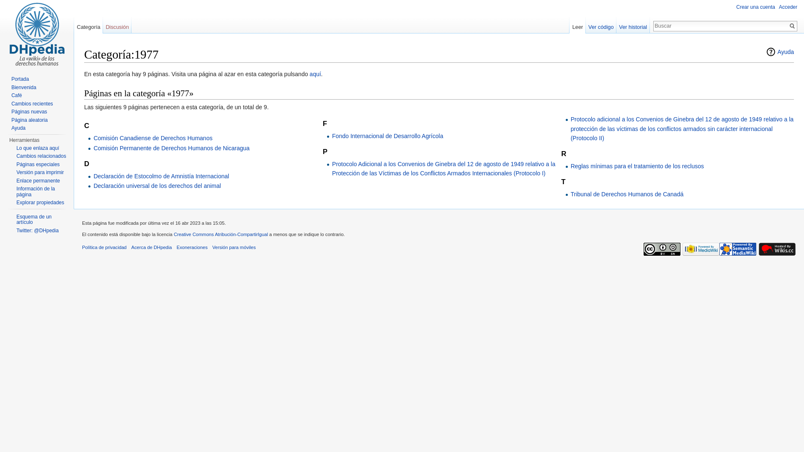 This screenshot has width=804, height=452. What do you see at coordinates (20, 79) in the screenshot?
I see `'Portada'` at bounding box center [20, 79].